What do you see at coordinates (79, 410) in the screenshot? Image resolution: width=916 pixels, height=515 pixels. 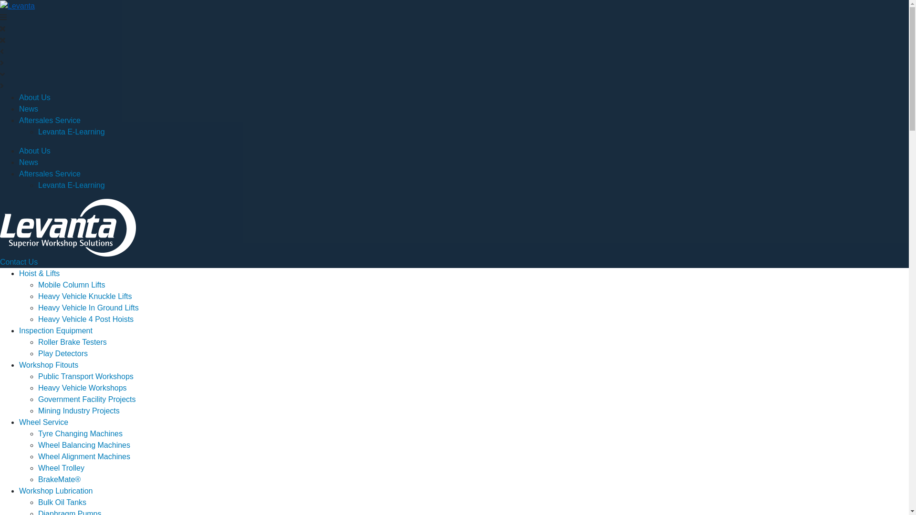 I see `'Mining Industry Projects'` at bounding box center [79, 410].